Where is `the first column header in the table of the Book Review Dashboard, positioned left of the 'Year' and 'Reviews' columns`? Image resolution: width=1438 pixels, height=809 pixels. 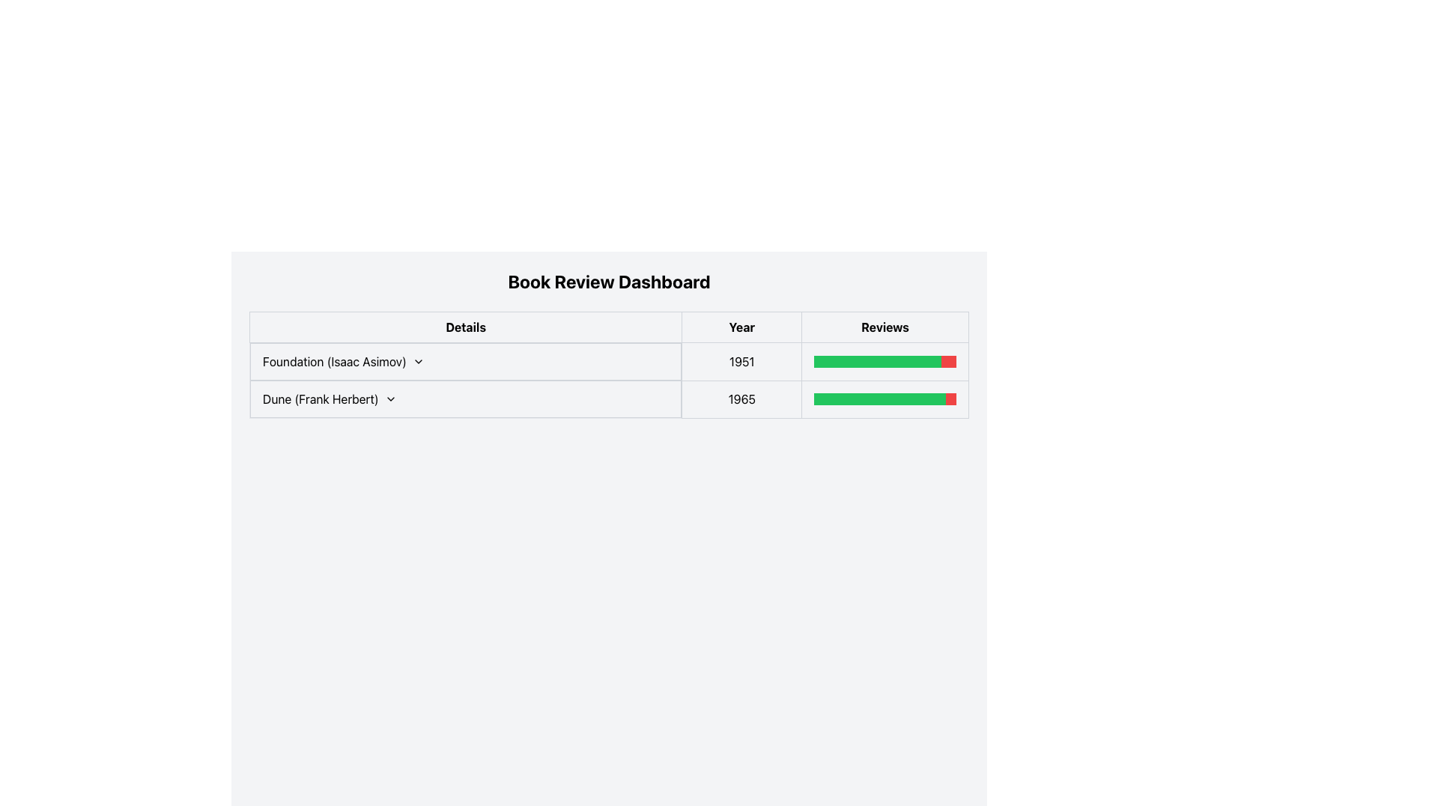
the first column header in the table of the Book Review Dashboard, positioned left of the 'Year' and 'Reviews' columns is located at coordinates (465, 326).